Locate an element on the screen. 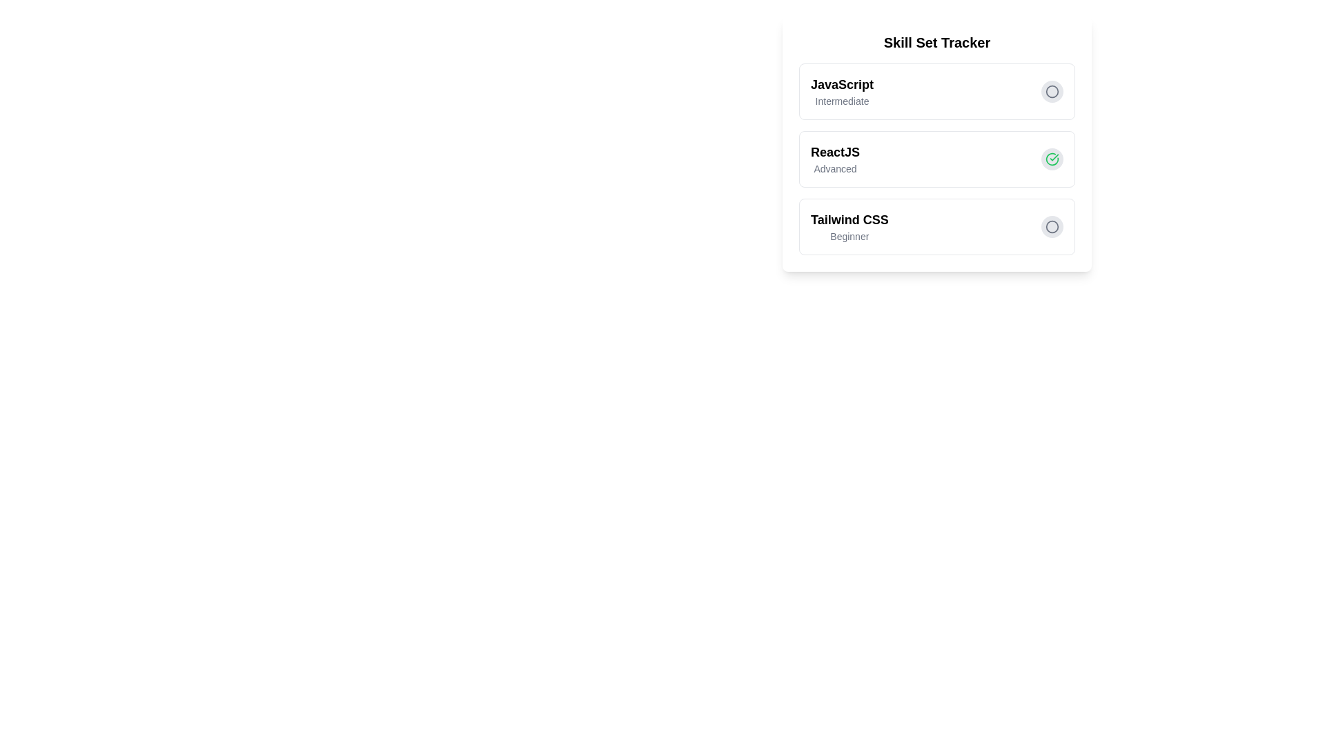 The image size is (1325, 745). the interactive button on the first list item titled 'JavaScript' in the 'Skill Set Tracker' is located at coordinates (937, 91).